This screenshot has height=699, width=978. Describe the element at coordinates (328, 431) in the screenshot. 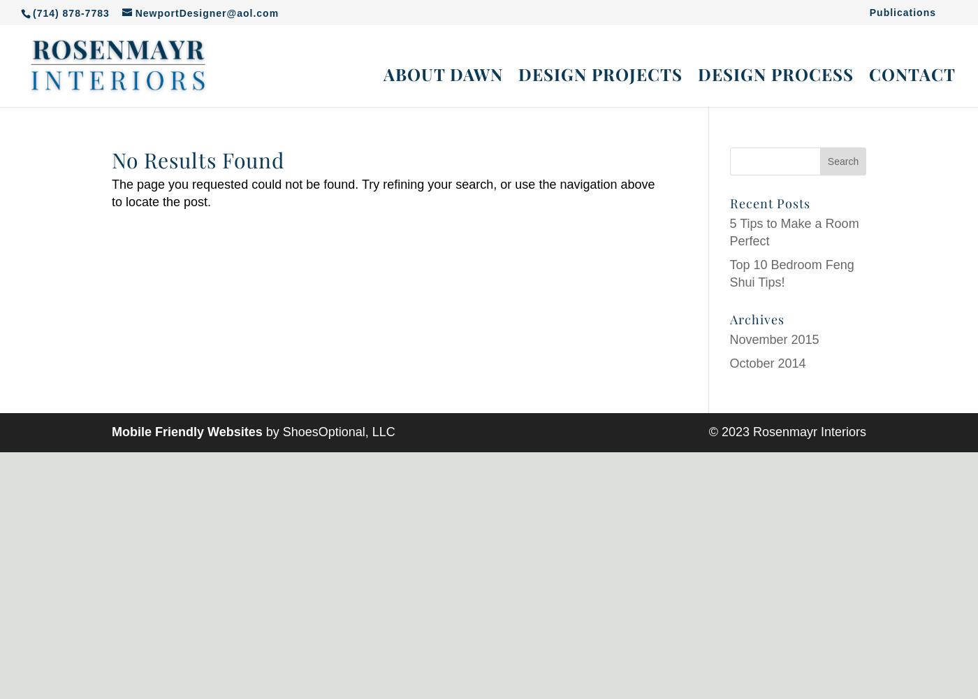

I see `'by ShoesOptional, LLC'` at that location.